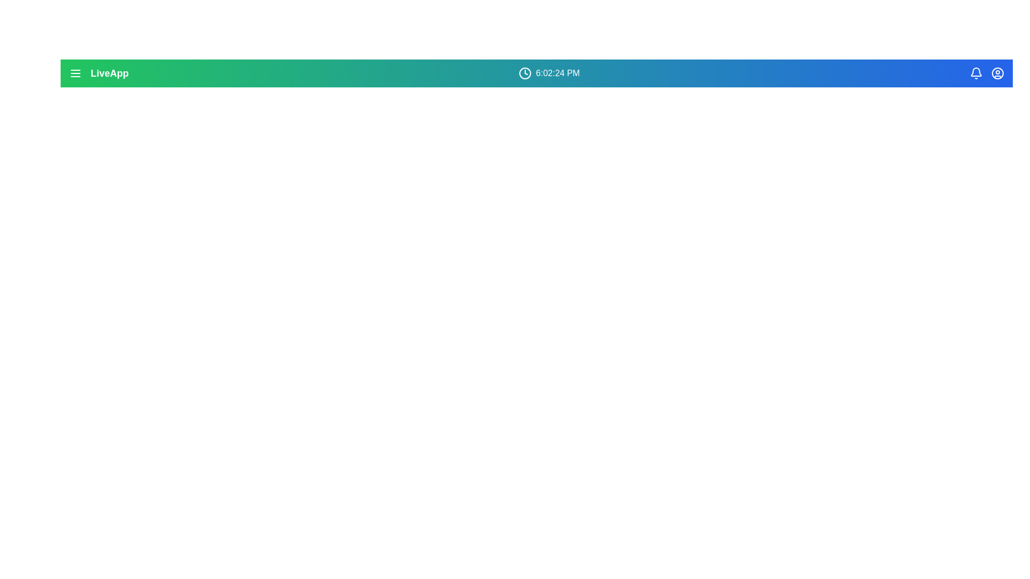 This screenshot has height=579, width=1030. I want to click on the user icon to view profile settings, so click(997, 73).